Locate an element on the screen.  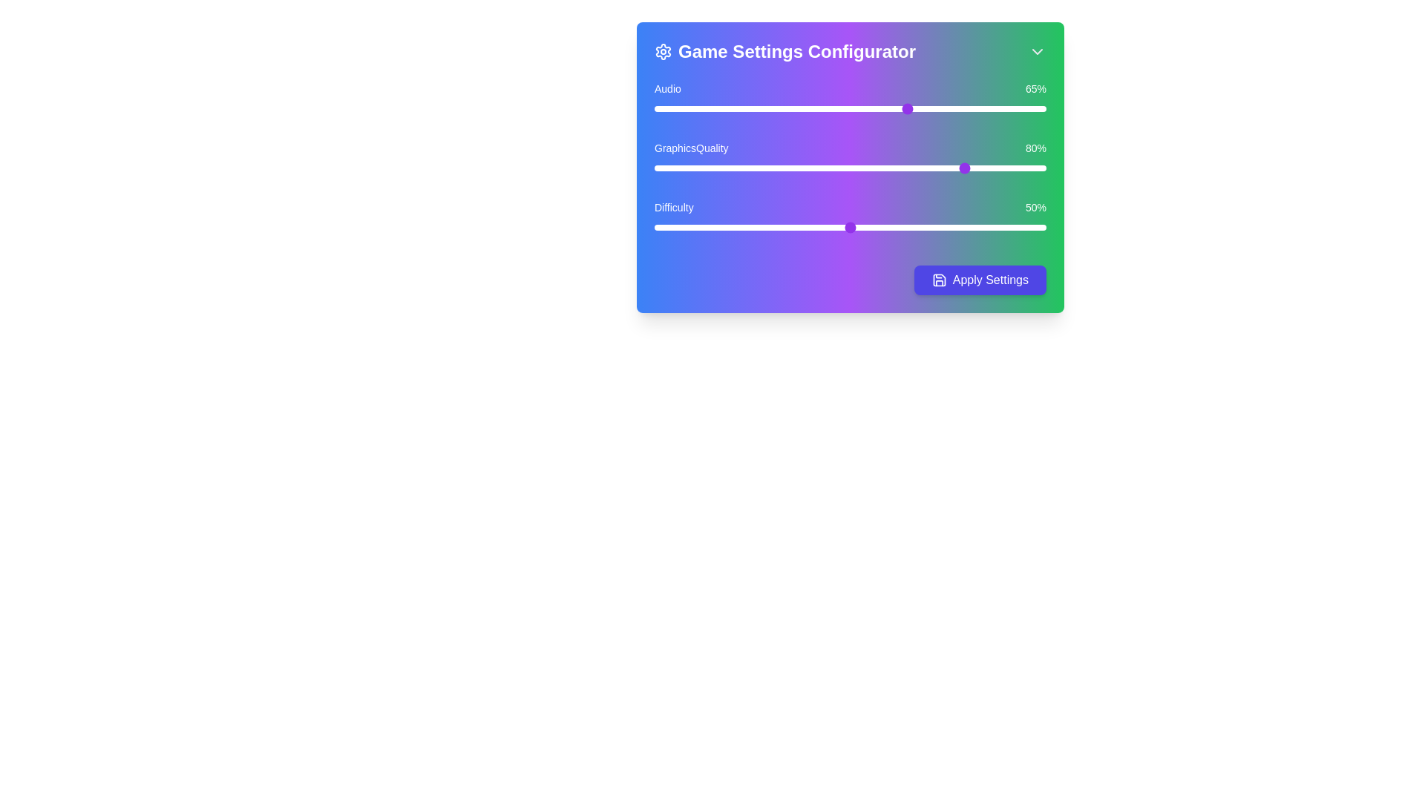
the blue gear icon located in the top-left area of the header section, which is positioned directly to the left of the title text is located at coordinates (662, 50).